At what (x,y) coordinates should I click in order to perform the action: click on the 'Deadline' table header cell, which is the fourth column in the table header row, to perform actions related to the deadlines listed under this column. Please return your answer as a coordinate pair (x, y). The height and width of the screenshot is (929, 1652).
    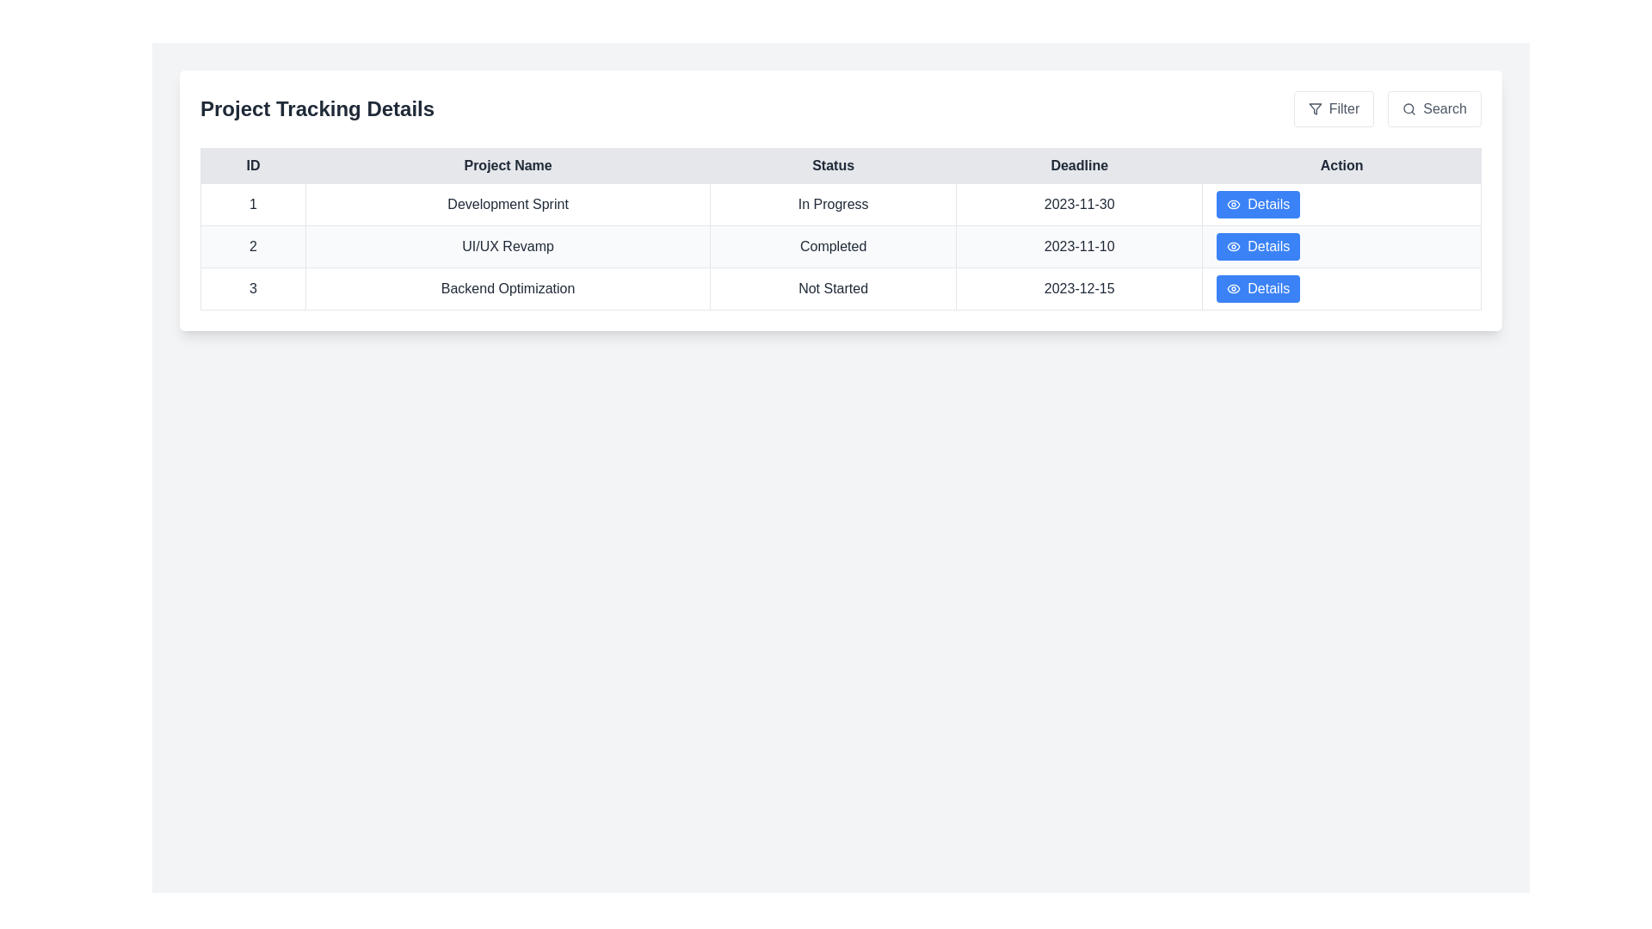
    Looking at the image, I should click on (1078, 165).